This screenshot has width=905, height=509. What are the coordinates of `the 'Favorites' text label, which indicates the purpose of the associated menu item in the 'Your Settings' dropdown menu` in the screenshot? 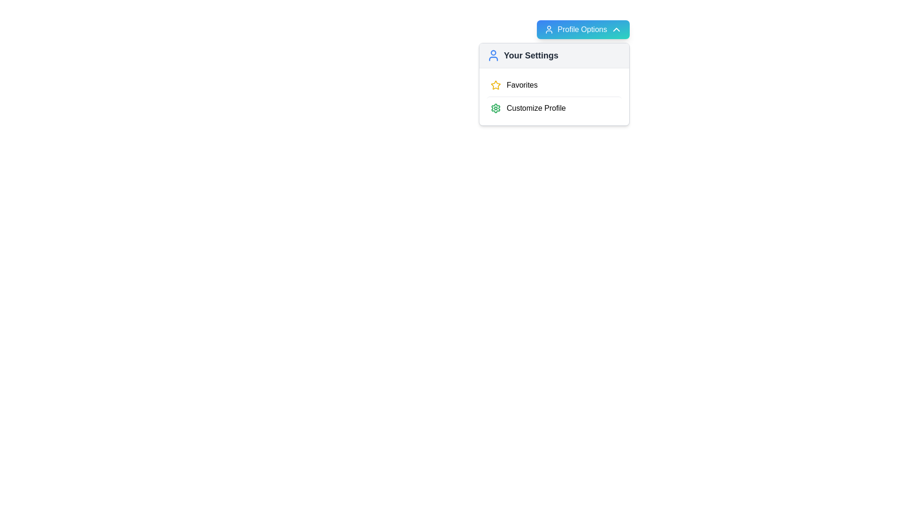 It's located at (521, 85).